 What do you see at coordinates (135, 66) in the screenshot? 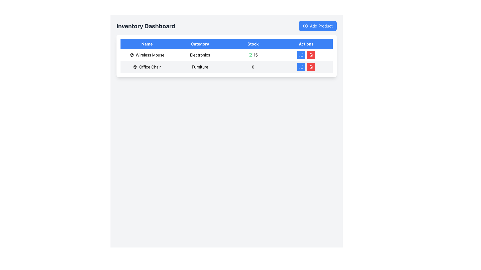
I see `the icon representing the 'Office Chair' entry located in the second row of the 'Inventory Dashboard', to the left of the 'Office Chair' text` at bounding box center [135, 66].